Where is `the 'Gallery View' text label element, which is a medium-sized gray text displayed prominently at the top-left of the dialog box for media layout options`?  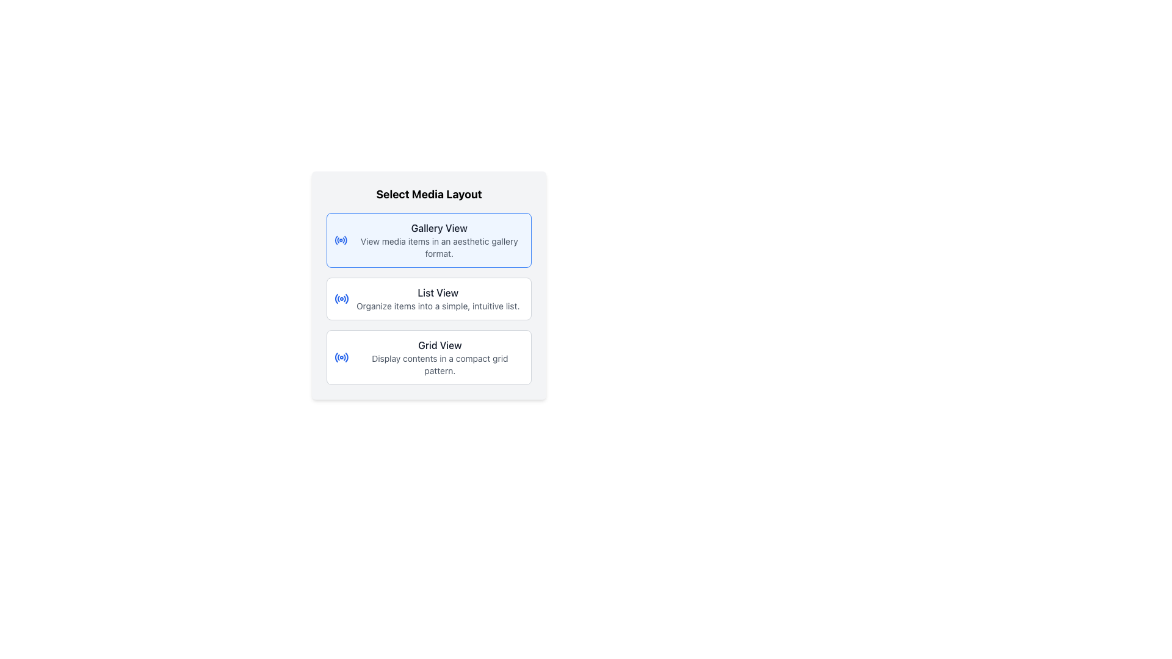
the 'Gallery View' text label element, which is a medium-sized gray text displayed prominently at the top-left of the dialog box for media layout options is located at coordinates (439, 228).